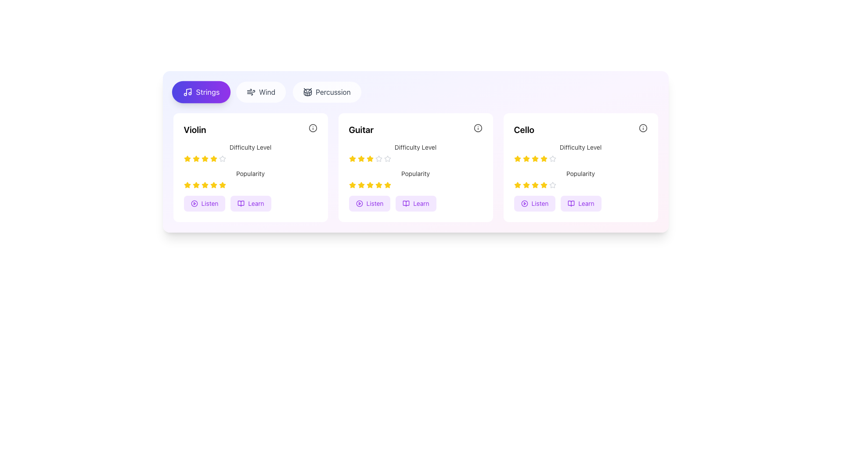  I want to click on the fifth star icon in the second row under the heading 'Popularity' within the 'Violin' card, which is filled with yellow color and indicates content popularity, so click(222, 184).